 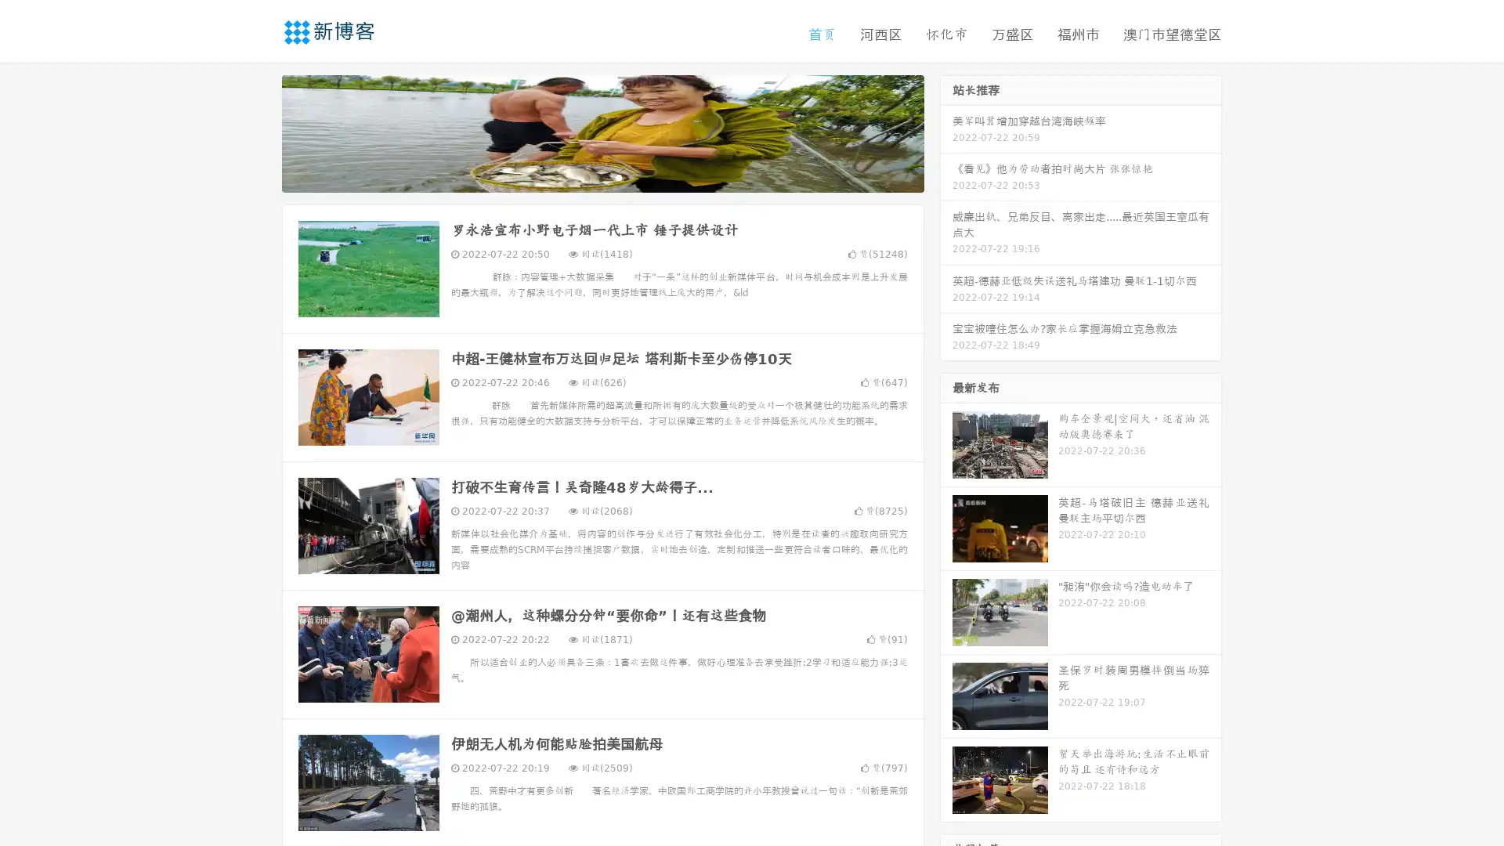 I want to click on Go to slide 1, so click(x=586, y=176).